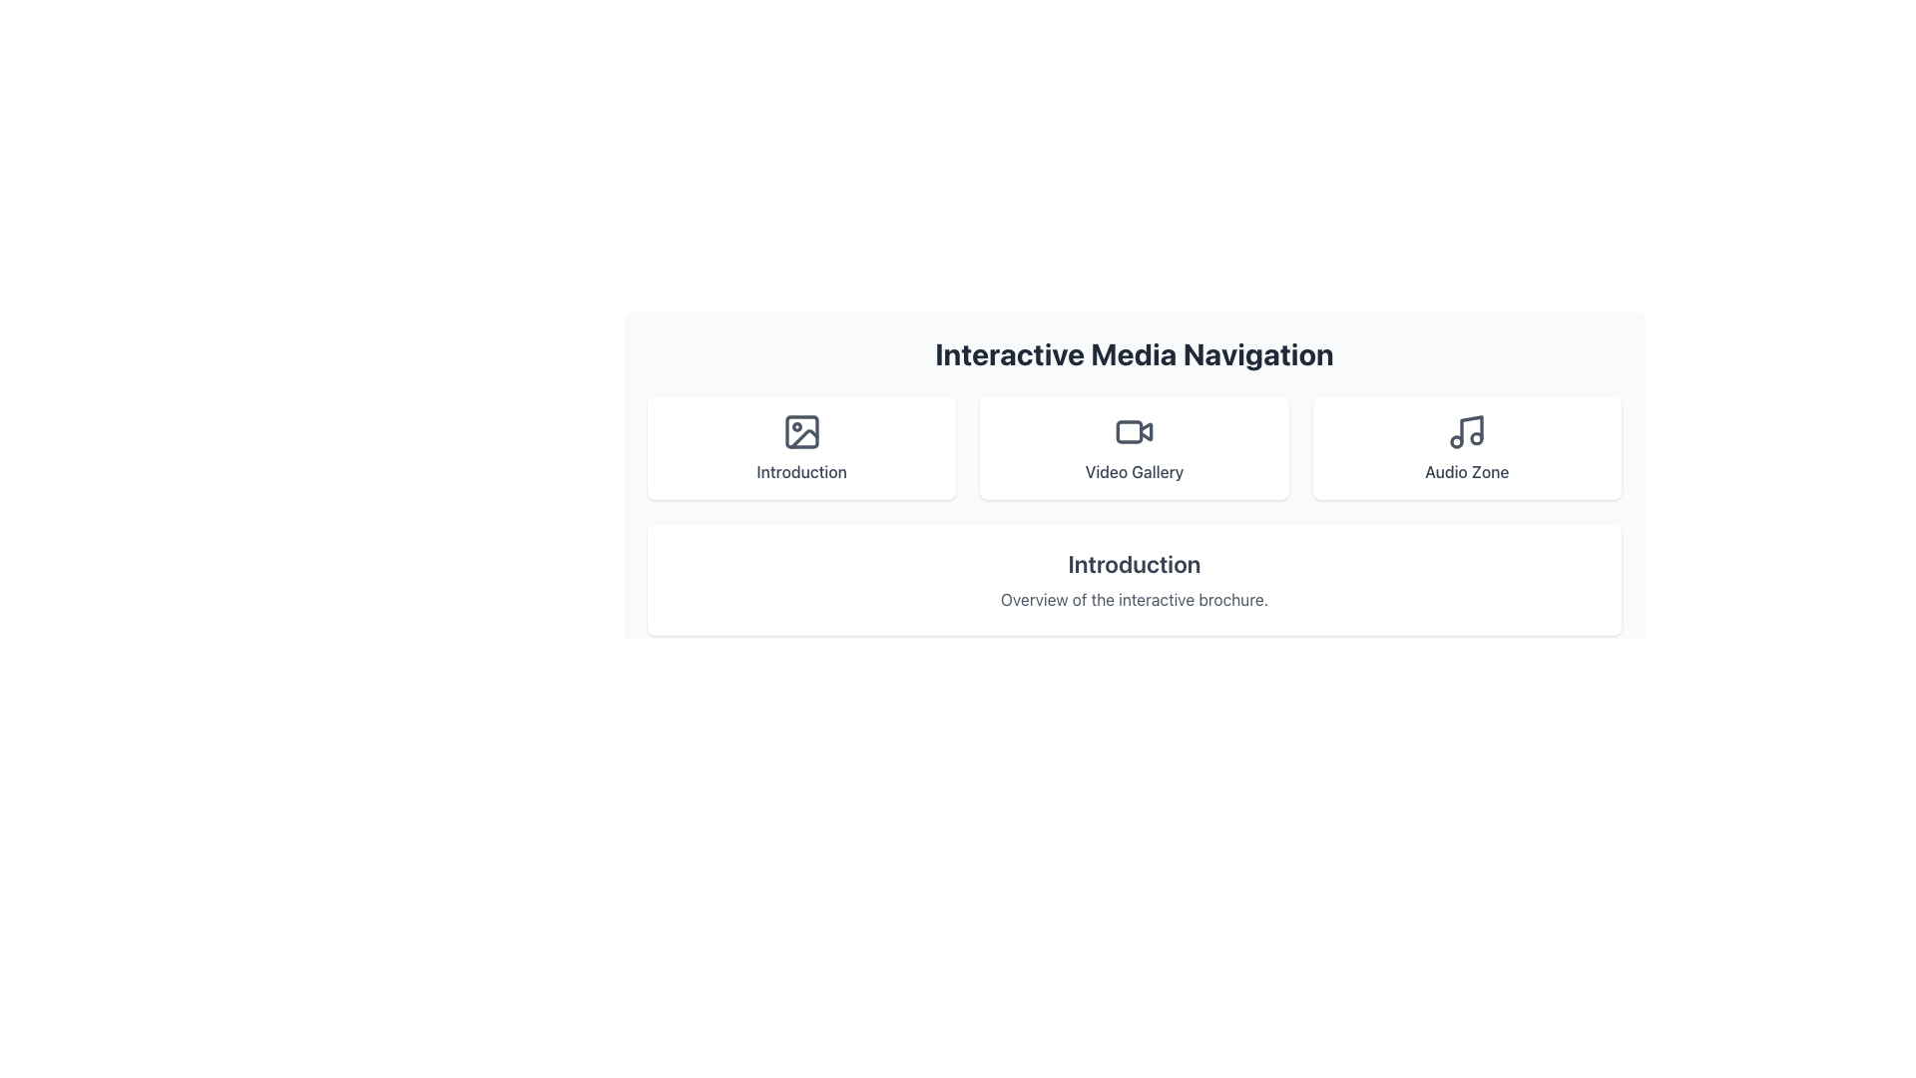  Describe the element at coordinates (801, 446) in the screenshot. I see `the 'Introduction' button, which is a white rectangular card with rounded corners and an image icon at the top, located on the left side of a three-card grid layout` at that location.